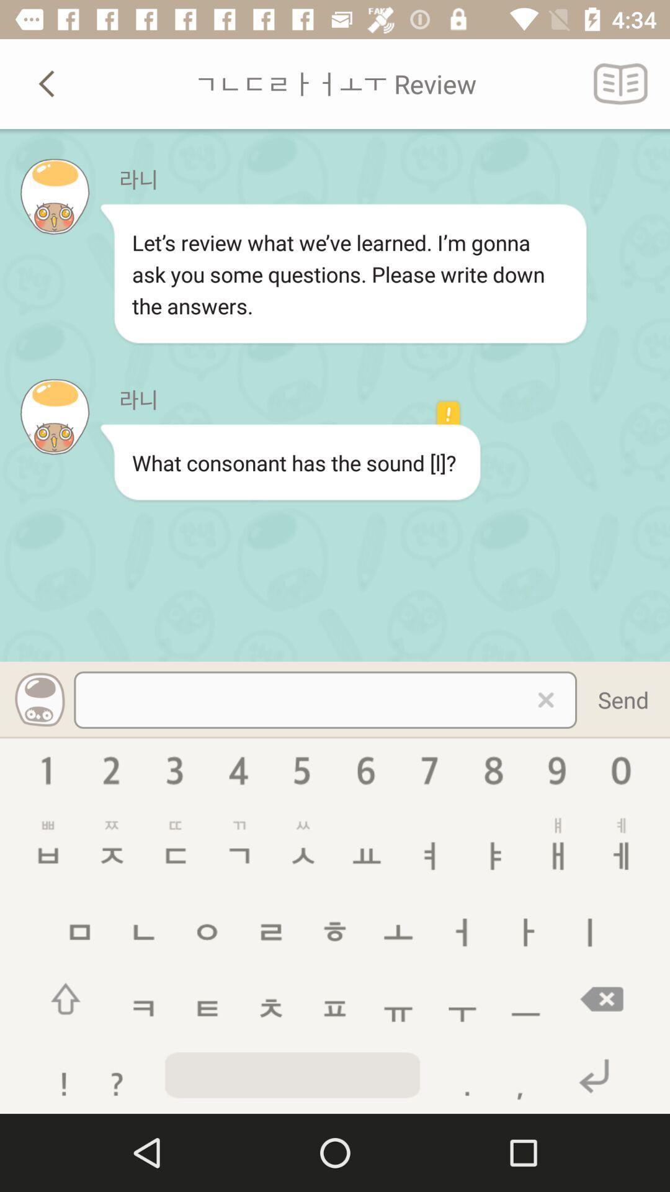  Describe the element at coordinates (48, 83) in the screenshot. I see `the arrow_backward icon` at that location.